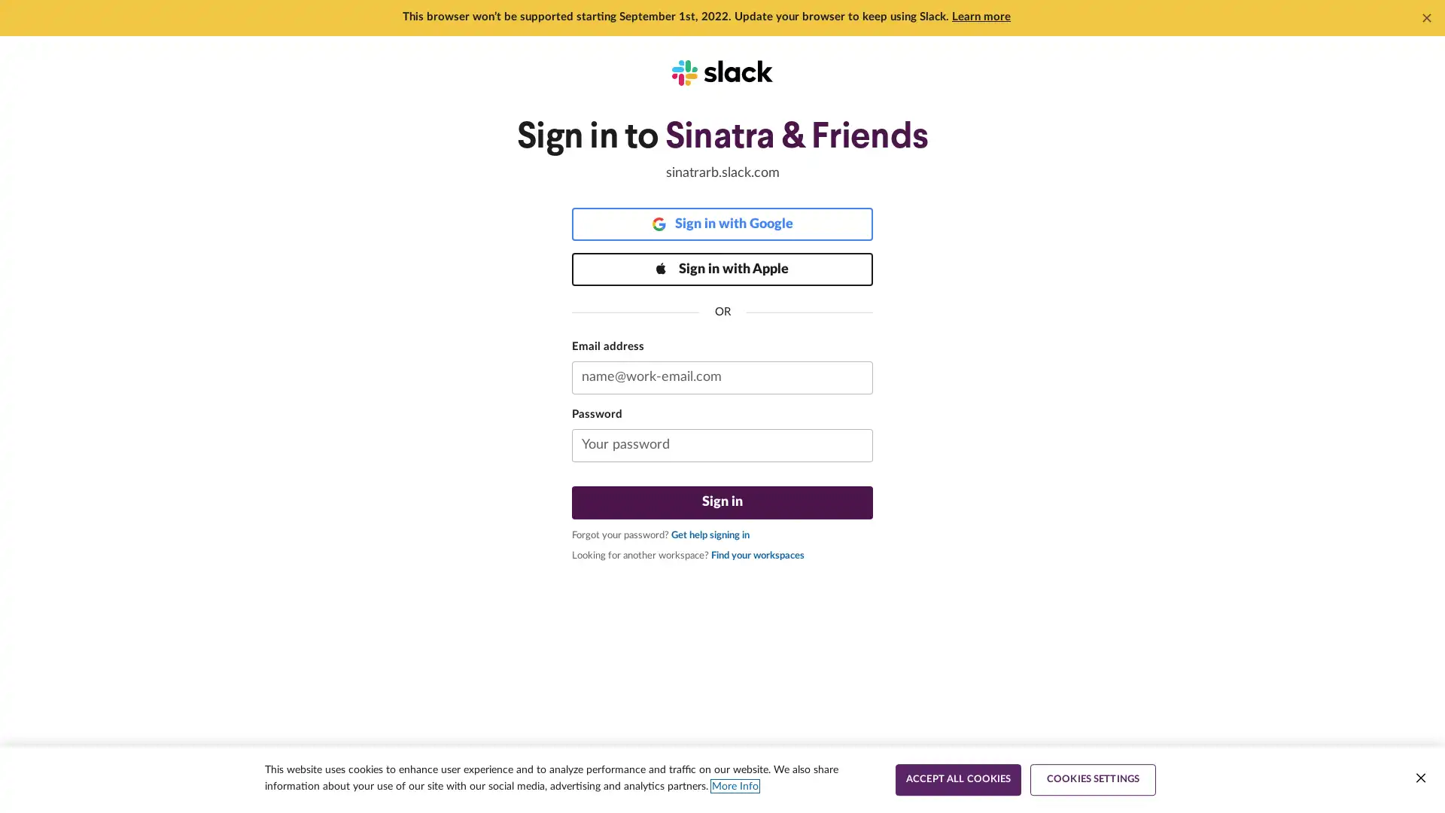  What do you see at coordinates (957, 779) in the screenshot?
I see `ACCEPT ALL COOKIES` at bounding box center [957, 779].